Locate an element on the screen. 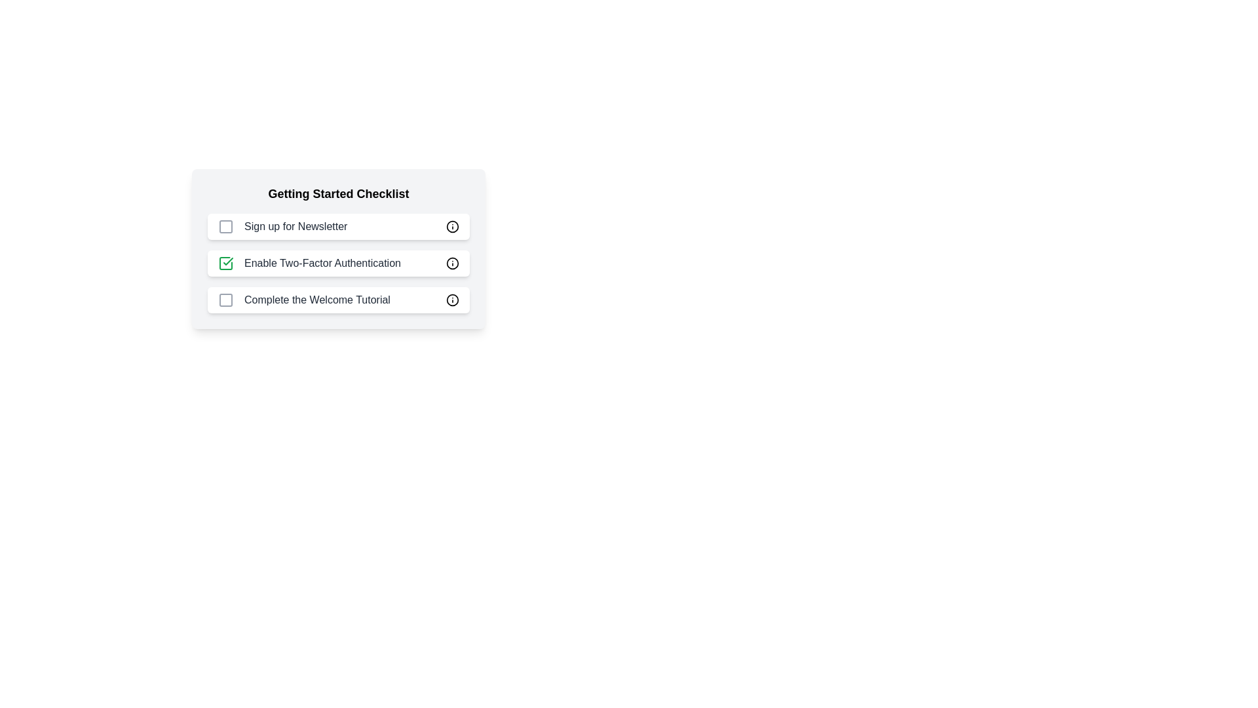 The height and width of the screenshot is (708, 1258). the SVG Circle that serves as an informational icon for the 'Complete the Welcome Tutorial' checklist item in the 'Getting Started Checklist' is located at coordinates (453, 300).